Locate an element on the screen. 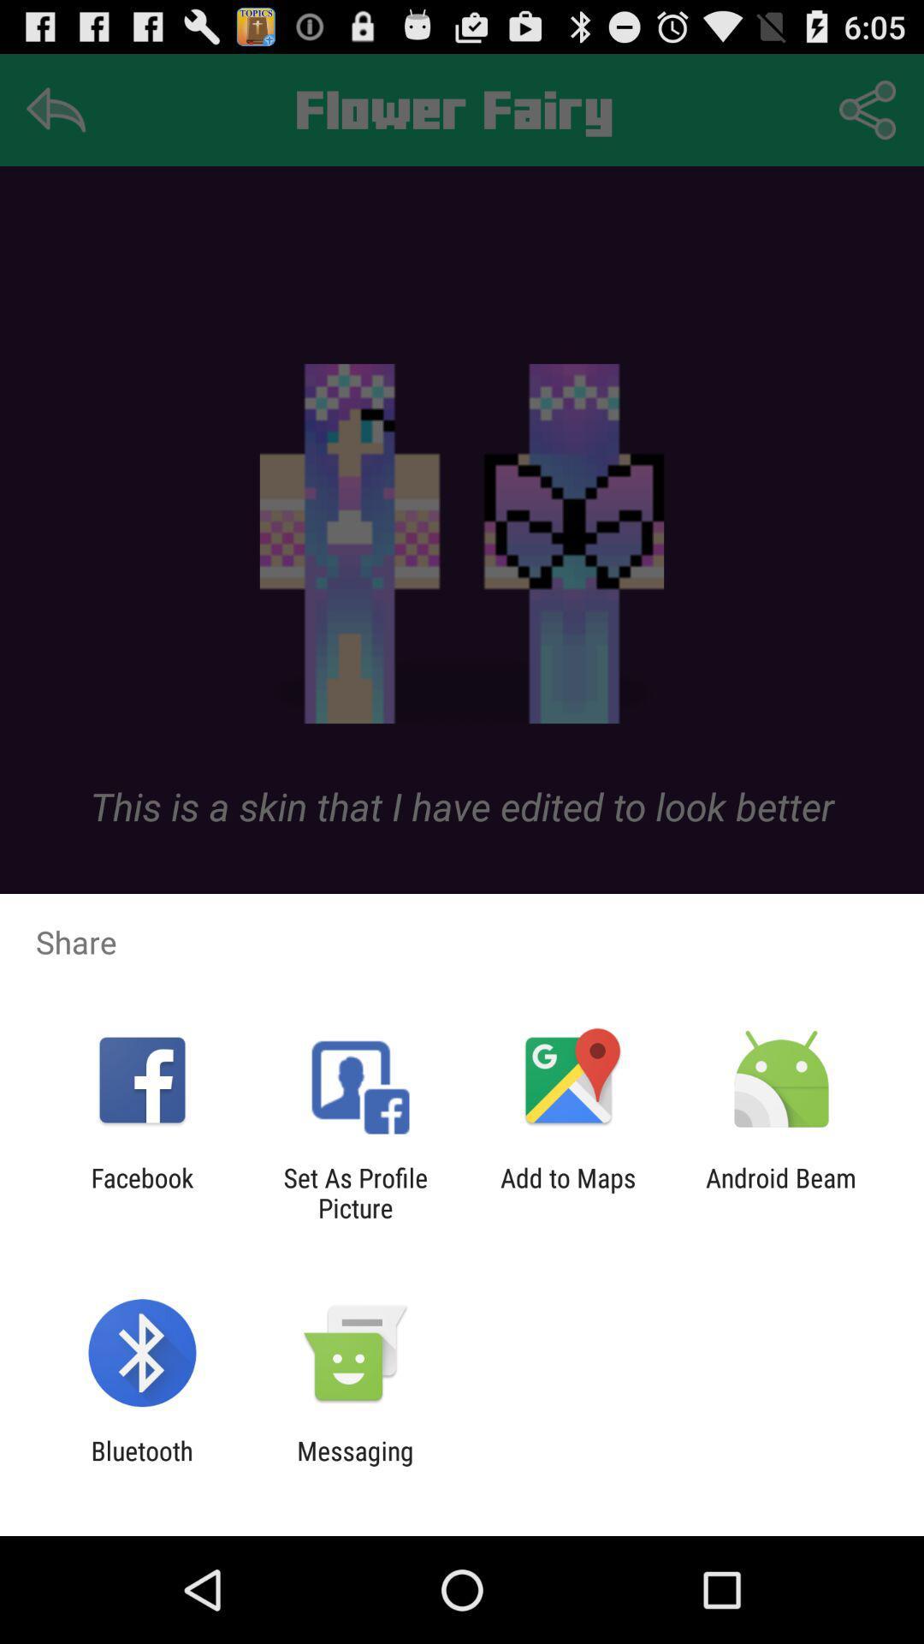 This screenshot has width=924, height=1644. the item to the right of the bluetooth is located at coordinates (354, 1465).